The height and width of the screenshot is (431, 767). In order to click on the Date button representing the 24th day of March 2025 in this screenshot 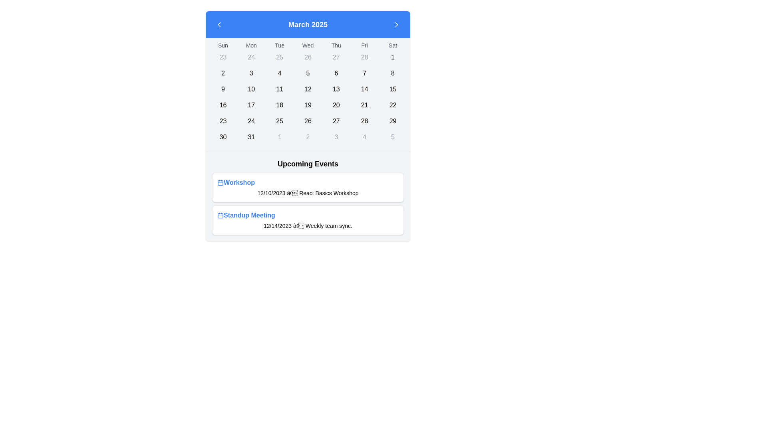, I will do `click(251, 57)`.